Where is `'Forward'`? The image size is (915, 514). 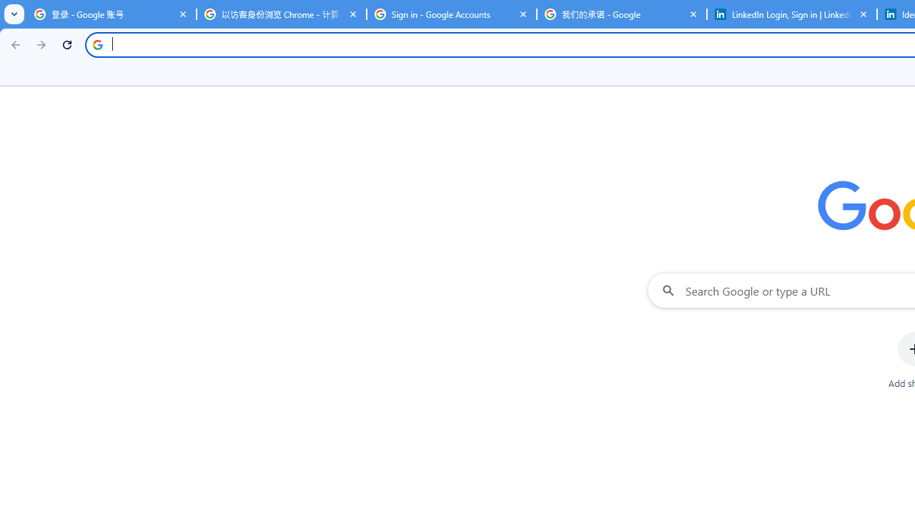 'Forward' is located at coordinates (41, 44).